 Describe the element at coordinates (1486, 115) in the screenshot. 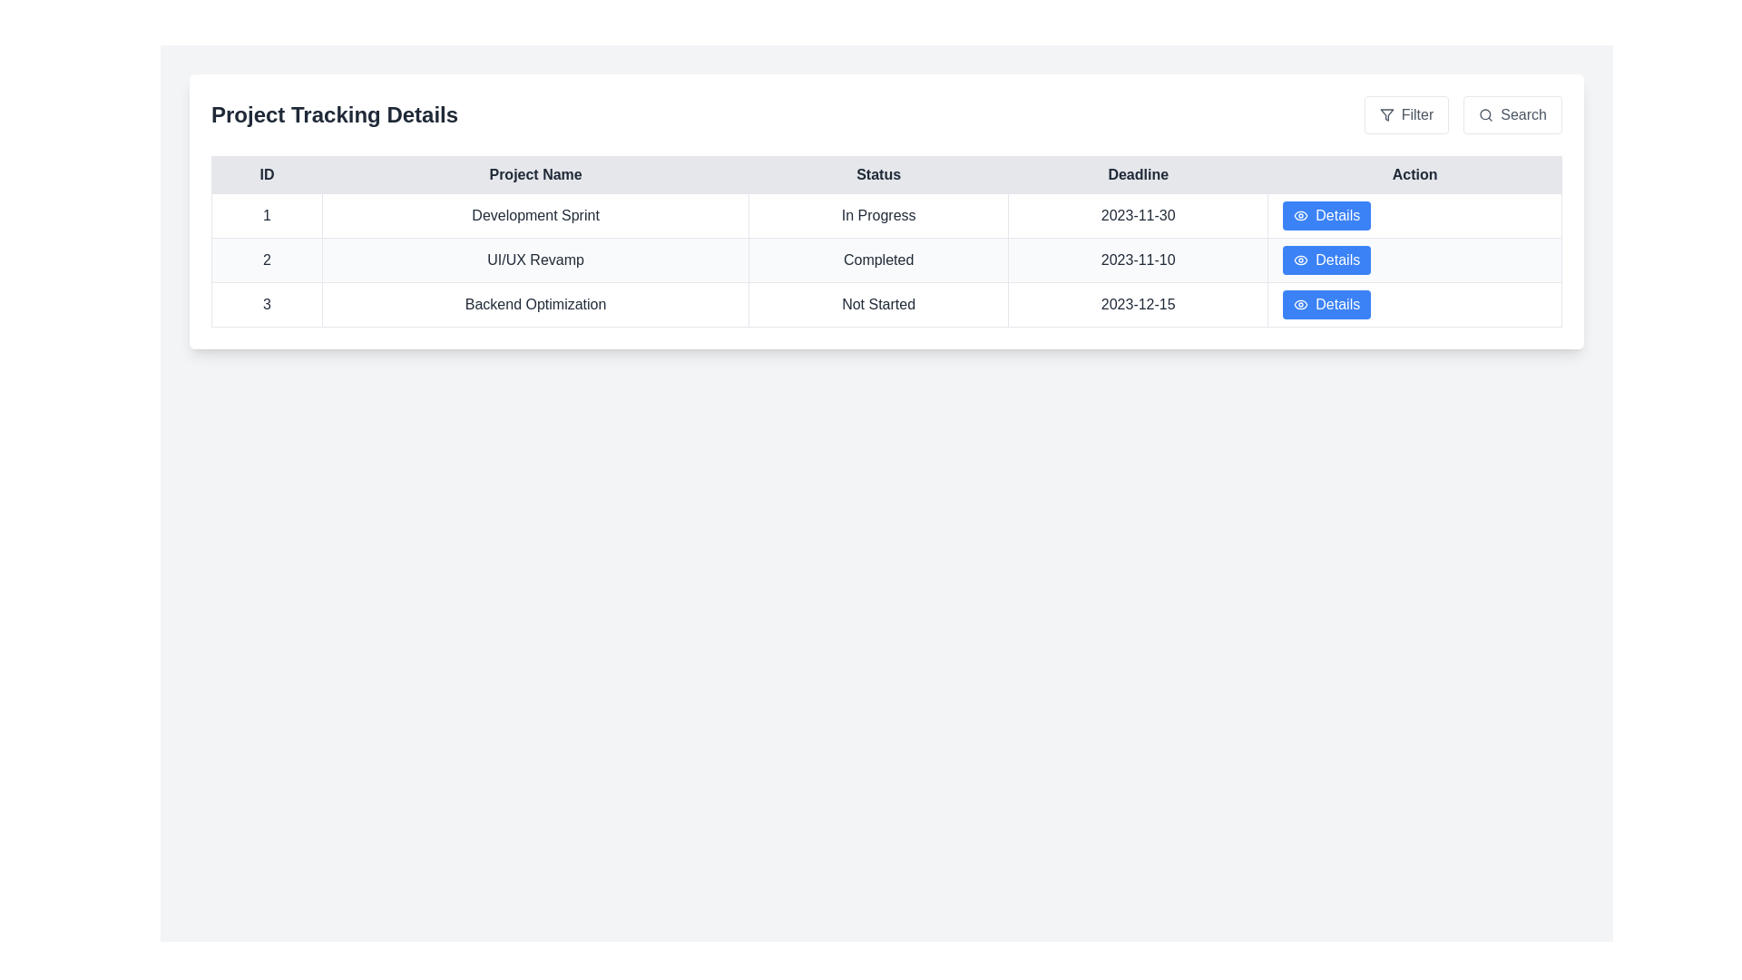

I see `the search icon located within the 'Search' button, which is positioned to the left of the text 'Search'` at that location.